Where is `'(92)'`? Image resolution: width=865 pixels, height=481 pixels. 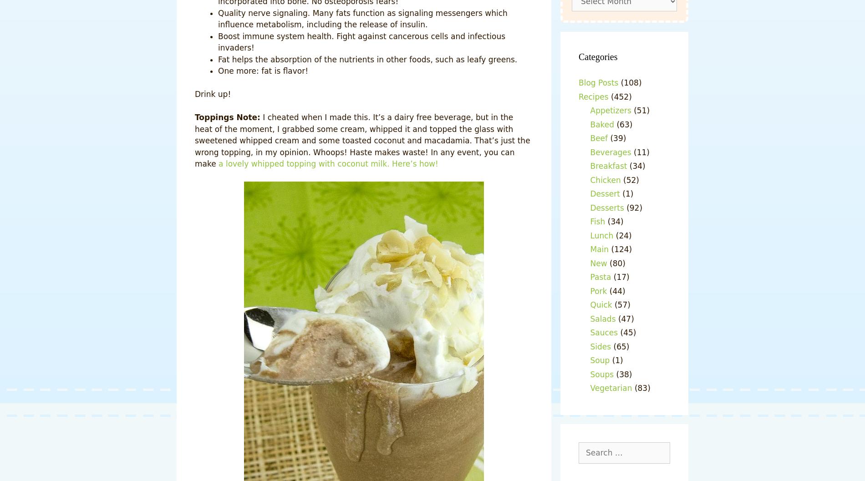 '(92)' is located at coordinates (632, 207).